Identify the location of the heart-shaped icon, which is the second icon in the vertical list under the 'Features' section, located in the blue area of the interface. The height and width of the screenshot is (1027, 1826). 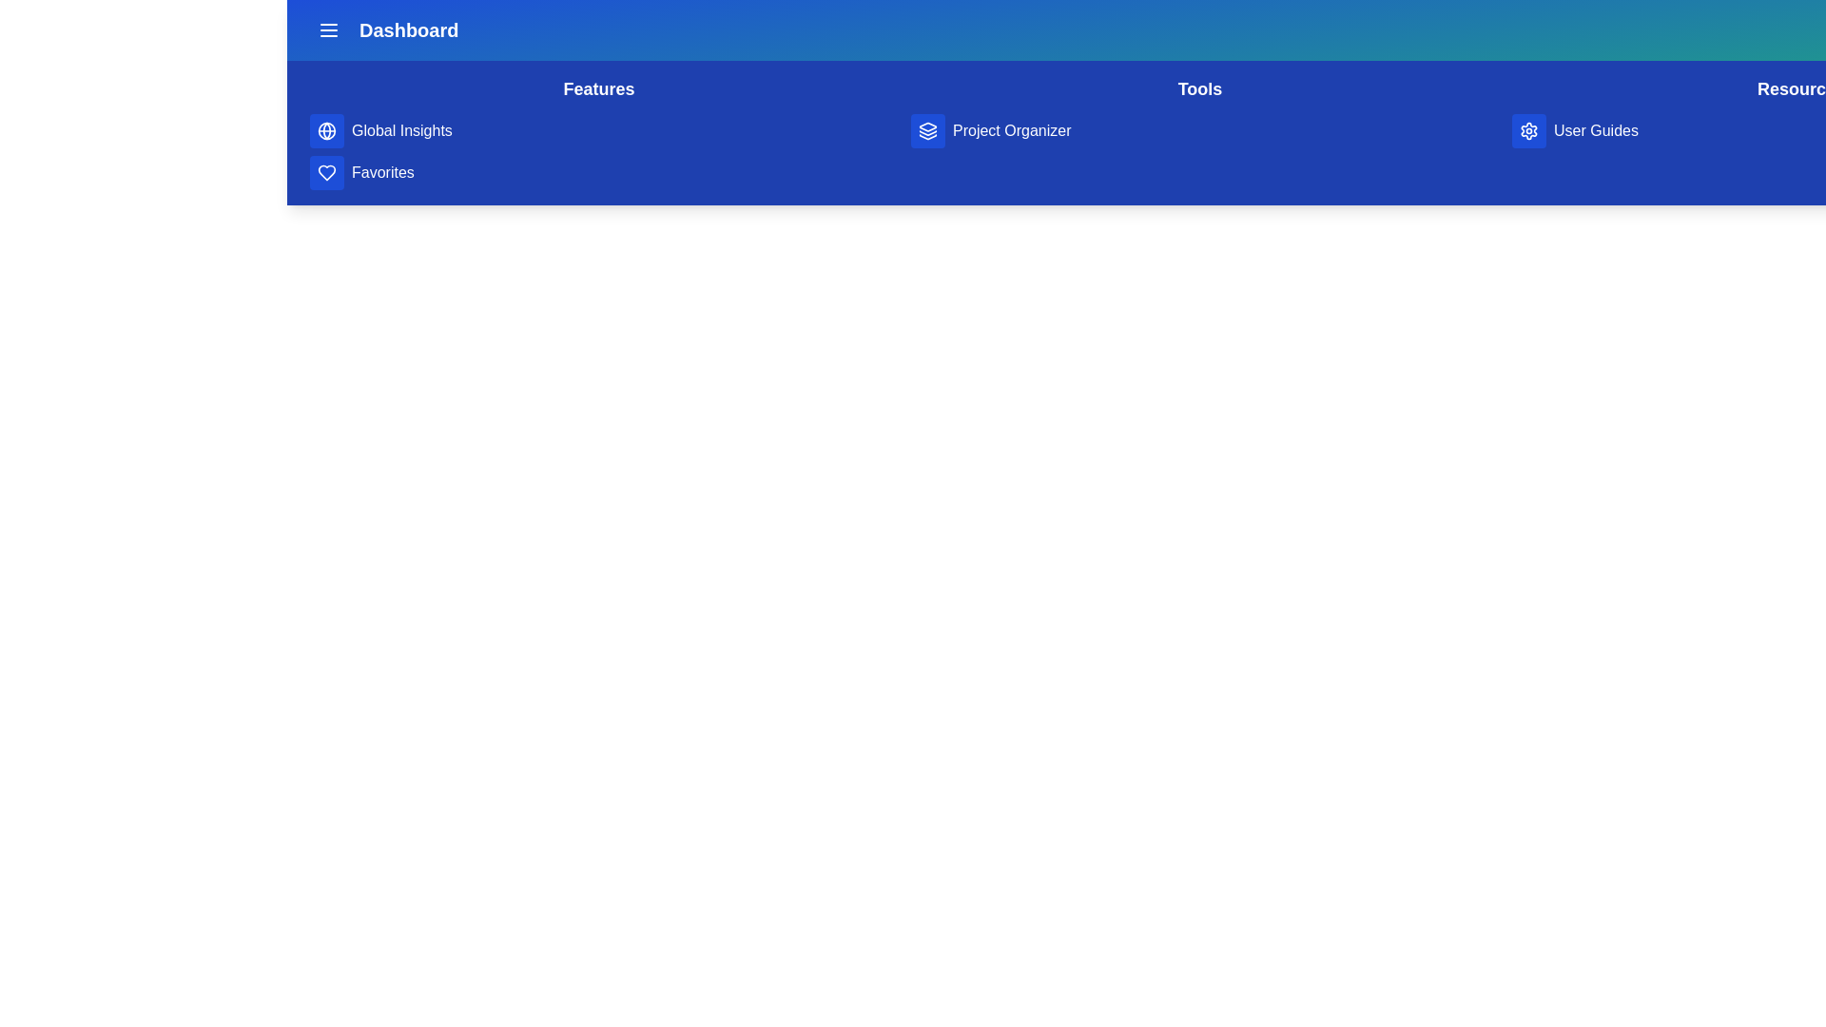
(327, 172).